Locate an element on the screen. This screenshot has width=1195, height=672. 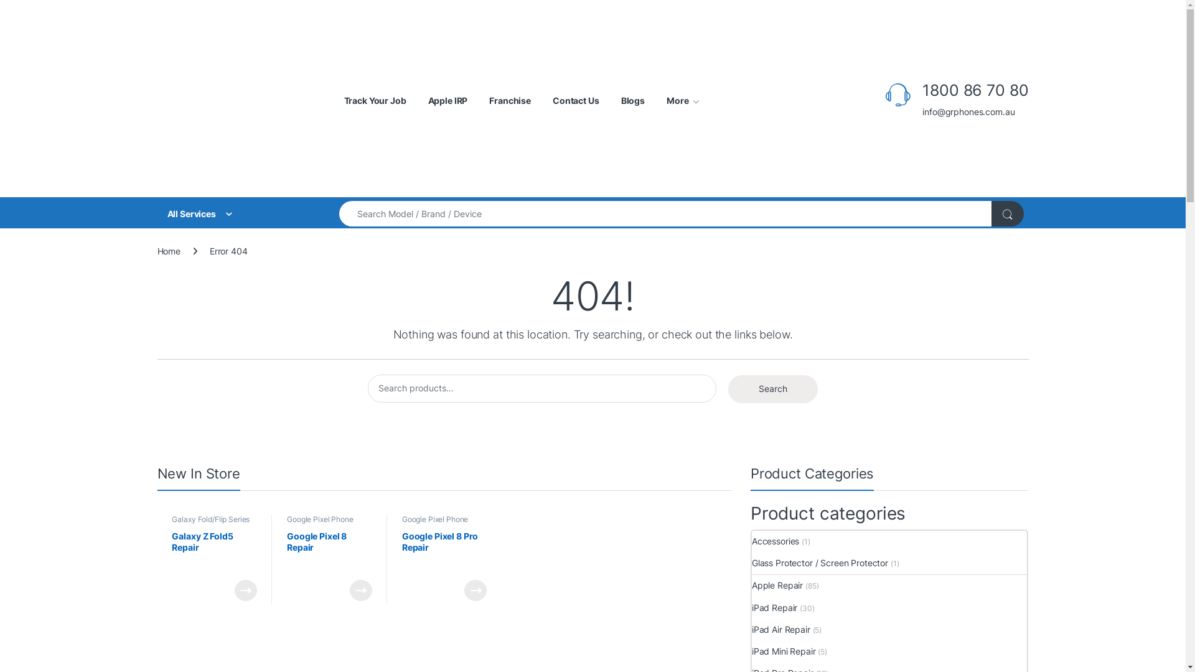
'Google Pixel Phone Repair' is located at coordinates (435, 523).